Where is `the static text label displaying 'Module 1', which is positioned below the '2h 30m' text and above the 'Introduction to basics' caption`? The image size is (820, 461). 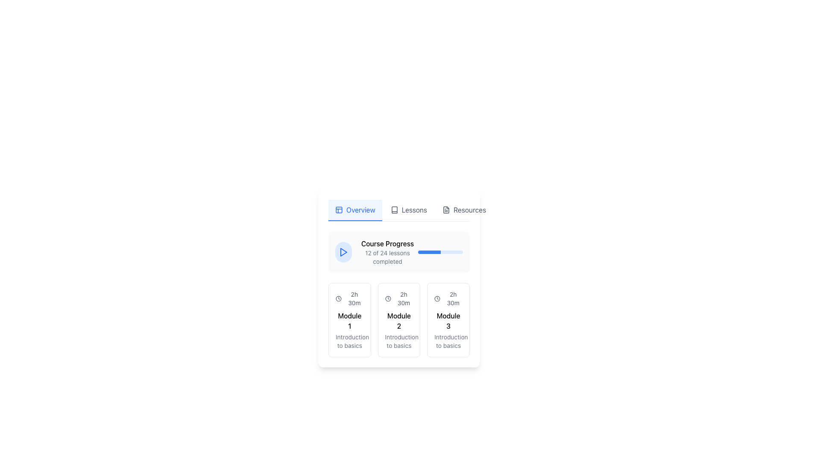 the static text label displaying 'Module 1', which is positioned below the '2h 30m' text and above the 'Introduction to basics' caption is located at coordinates (349, 321).